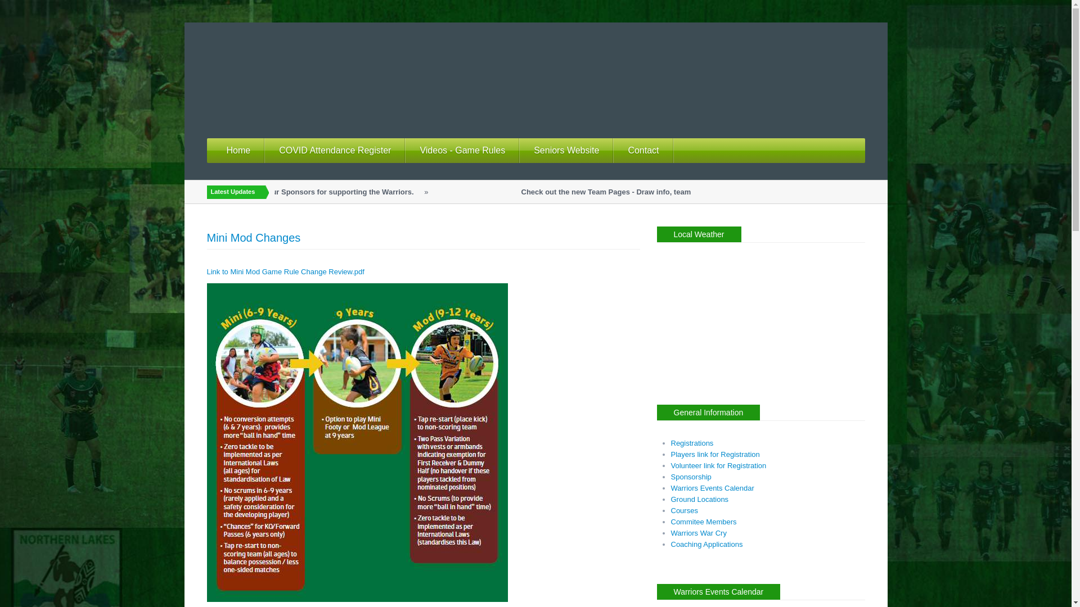  What do you see at coordinates (519, 150) in the screenshot?
I see `'Seniors Website'` at bounding box center [519, 150].